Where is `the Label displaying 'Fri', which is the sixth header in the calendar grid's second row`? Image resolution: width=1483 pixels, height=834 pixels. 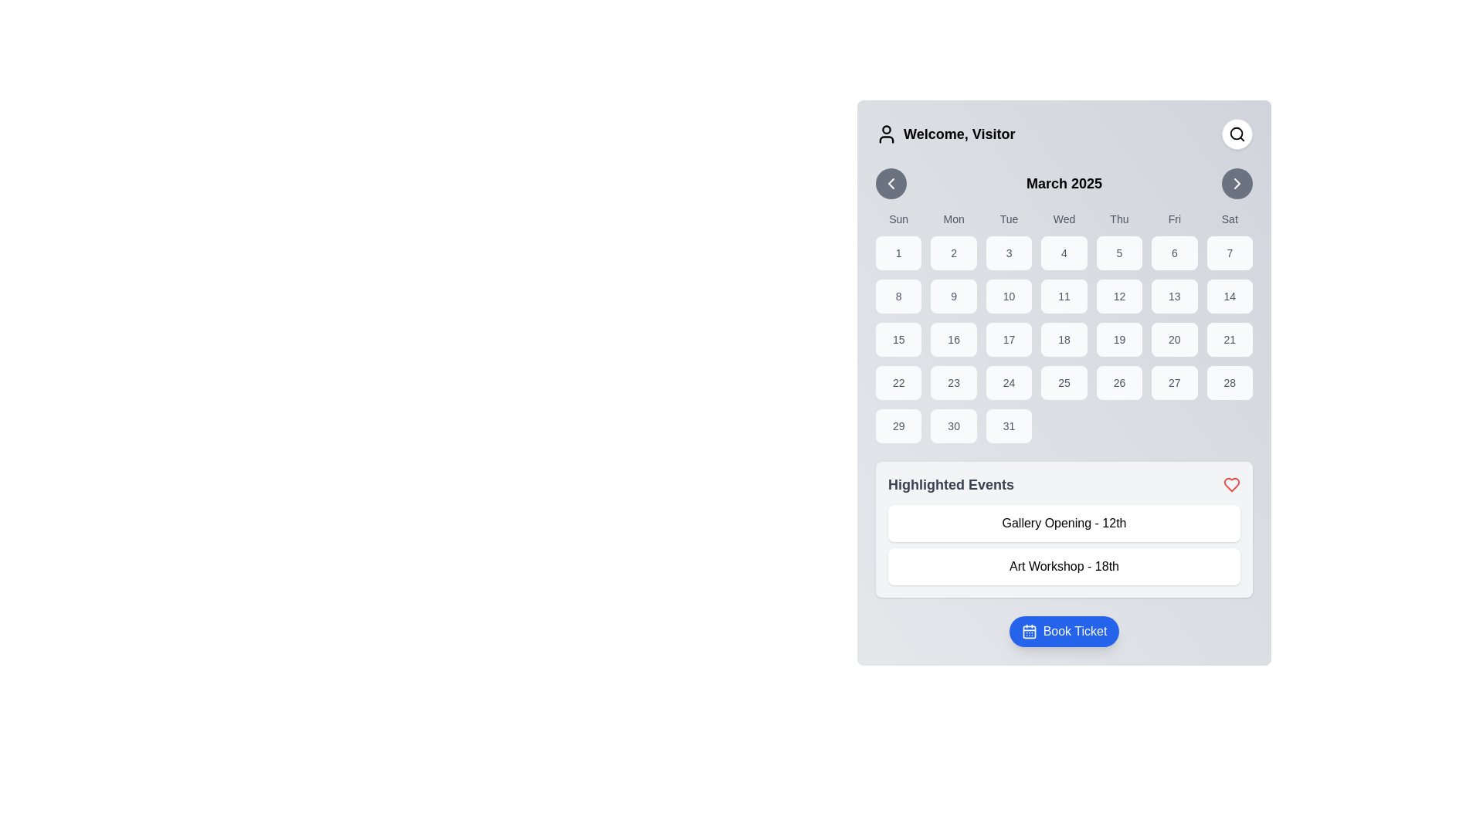
the Label displaying 'Fri', which is the sixth header in the calendar grid's second row is located at coordinates (1174, 219).